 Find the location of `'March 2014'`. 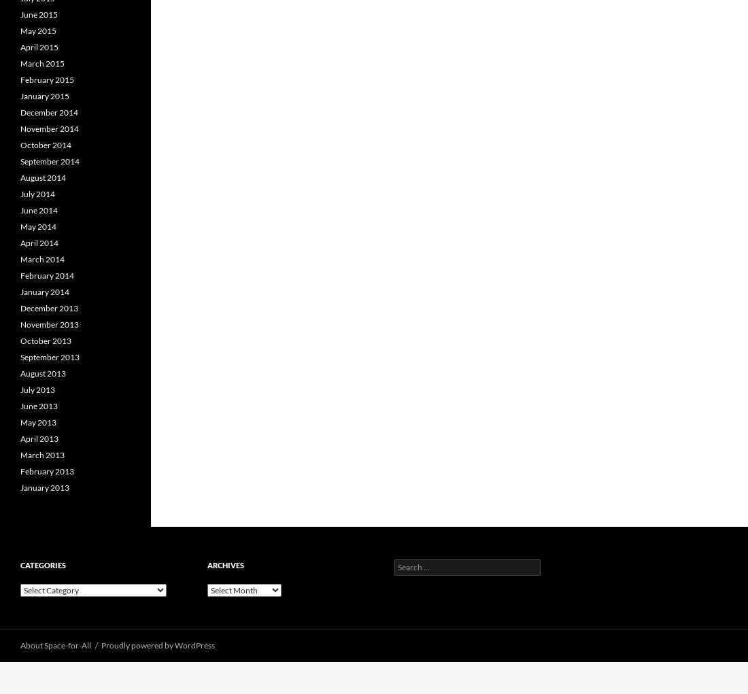

'March 2014' is located at coordinates (41, 259).